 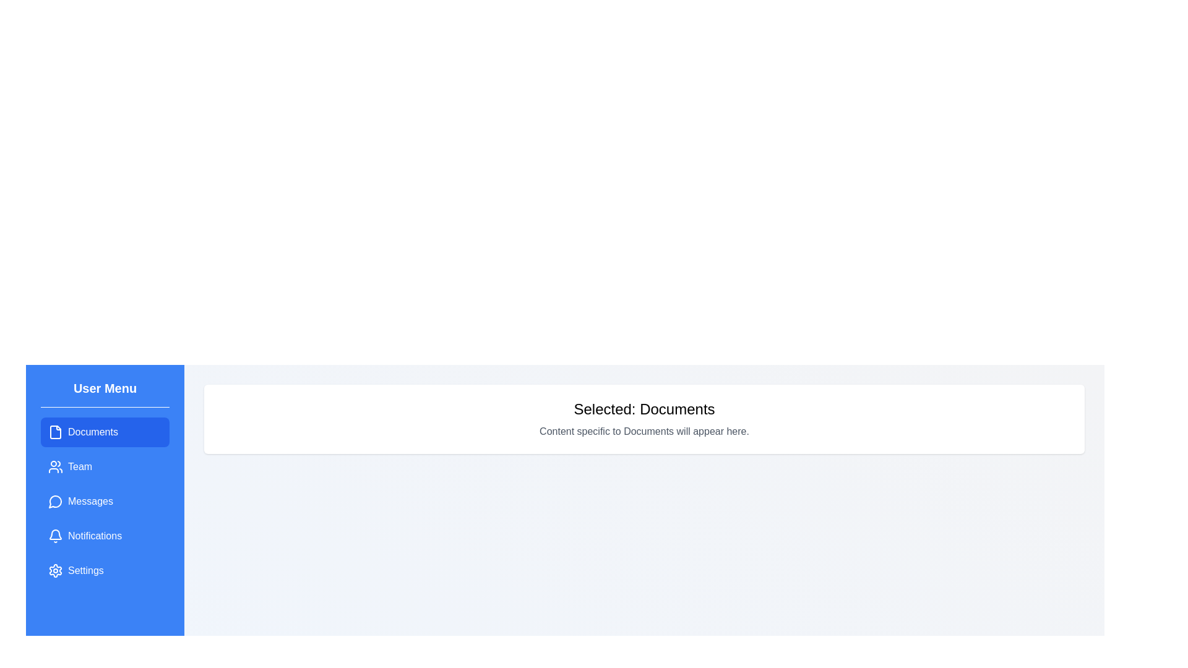 What do you see at coordinates (105, 536) in the screenshot?
I see `the menu item Notifications to change the displayed content` at bounding box center [105, 536].